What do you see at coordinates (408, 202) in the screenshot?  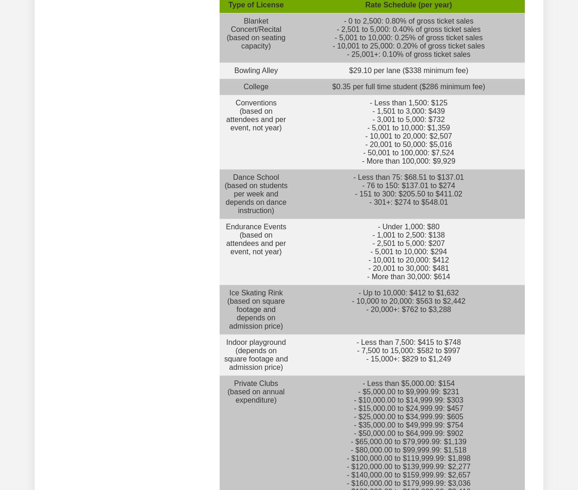 I see `'- 301+: $274 to $548.01'` at bounding box center [408, 202].